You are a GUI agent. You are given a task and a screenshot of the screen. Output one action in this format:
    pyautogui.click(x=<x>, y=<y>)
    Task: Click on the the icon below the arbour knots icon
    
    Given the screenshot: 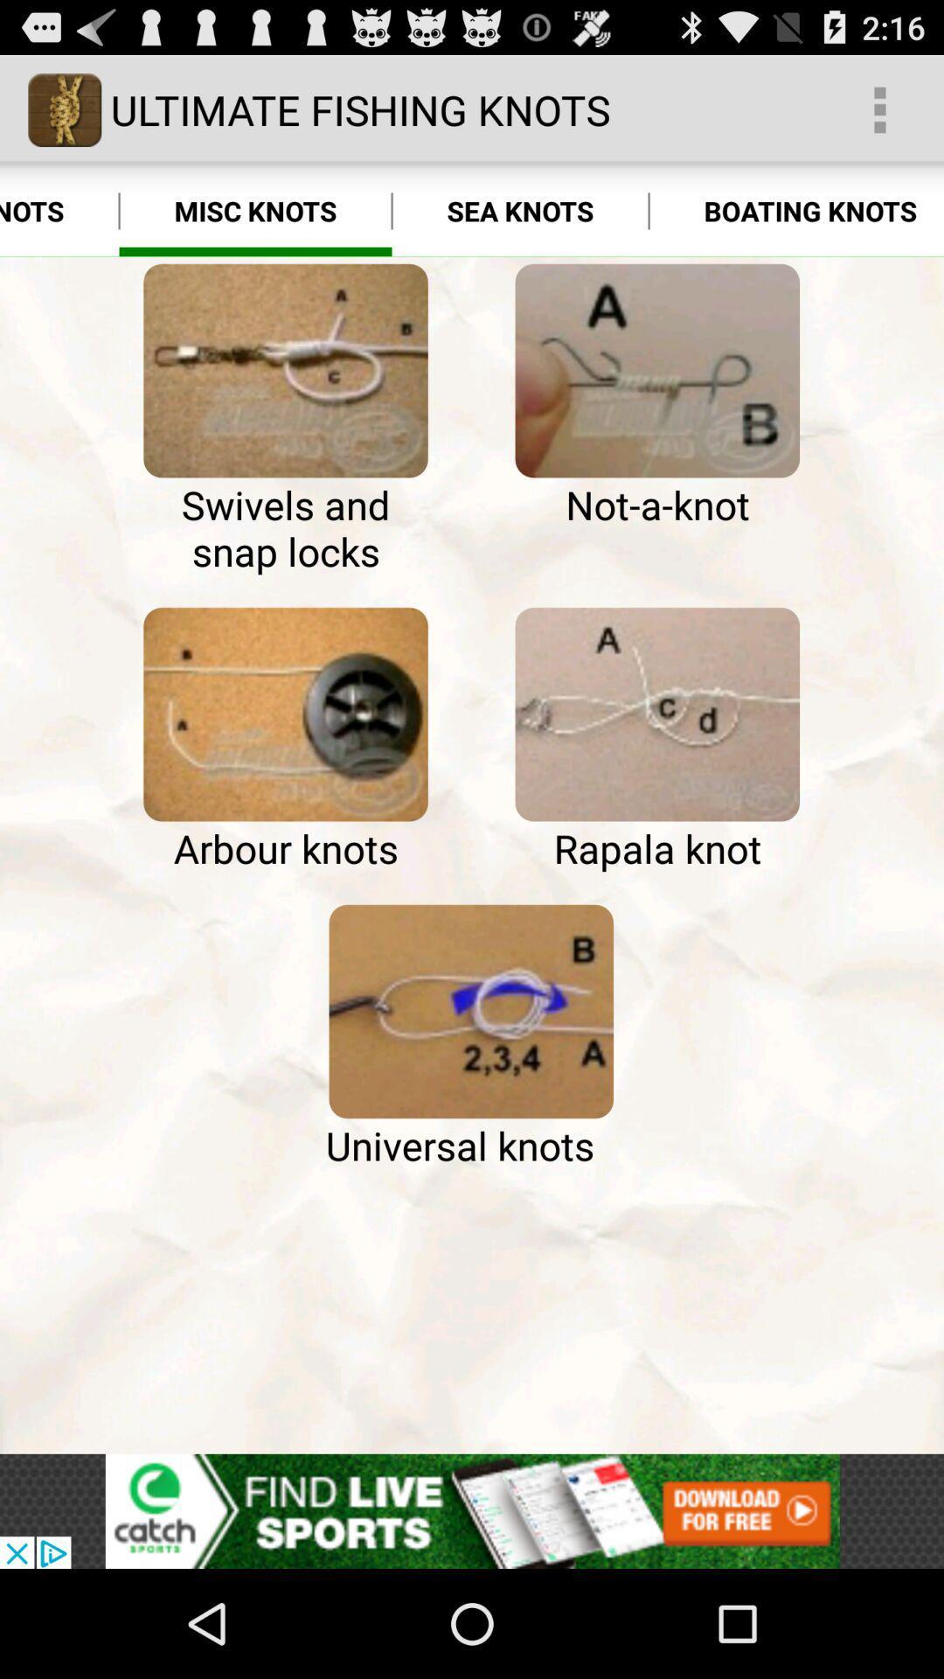 What is the action you would take?
    pyautogui.click(x=470, y=1011)
    